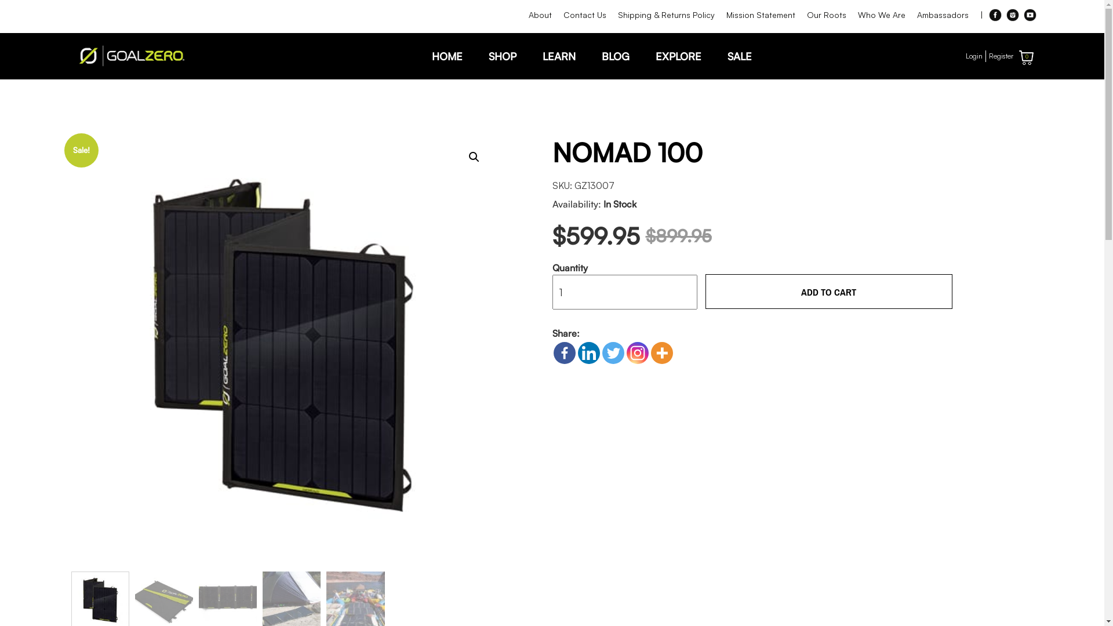 The image size is (1113, 626). Describe the element at coordinates (1001, 56) in the screenshot. I see `'Register'` at that location.